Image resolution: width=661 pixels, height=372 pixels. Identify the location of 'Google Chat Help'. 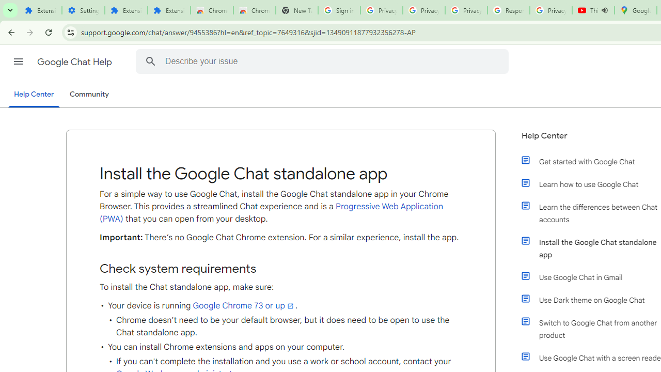
(75, 61).